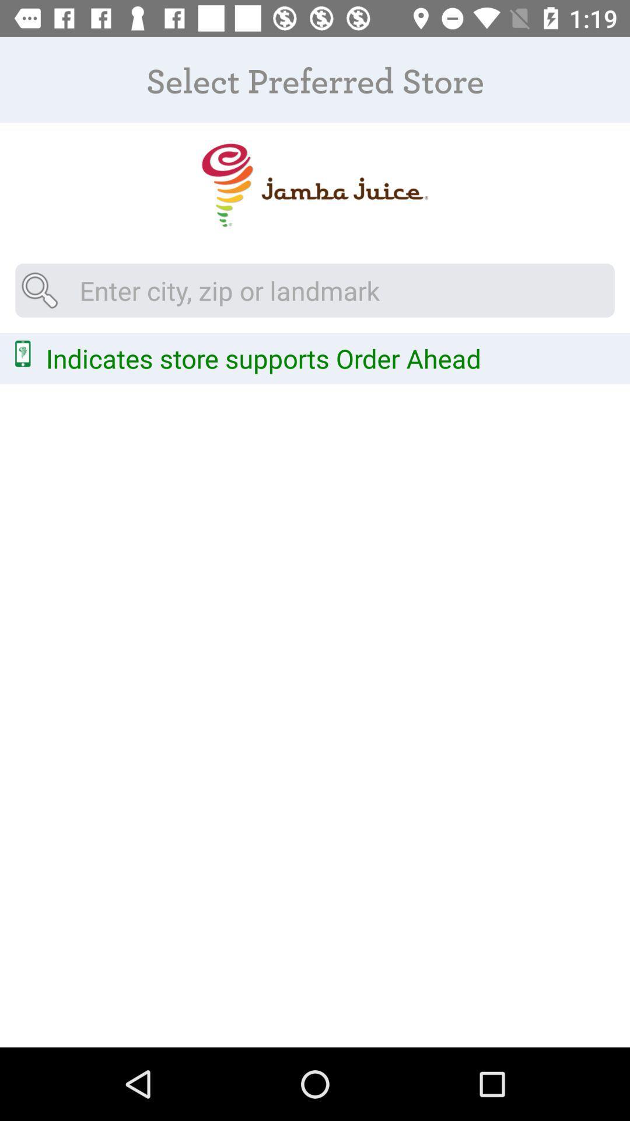  Describe the element at coordinates (314, 184) in the screenshot. I see `picture logo` at that location.